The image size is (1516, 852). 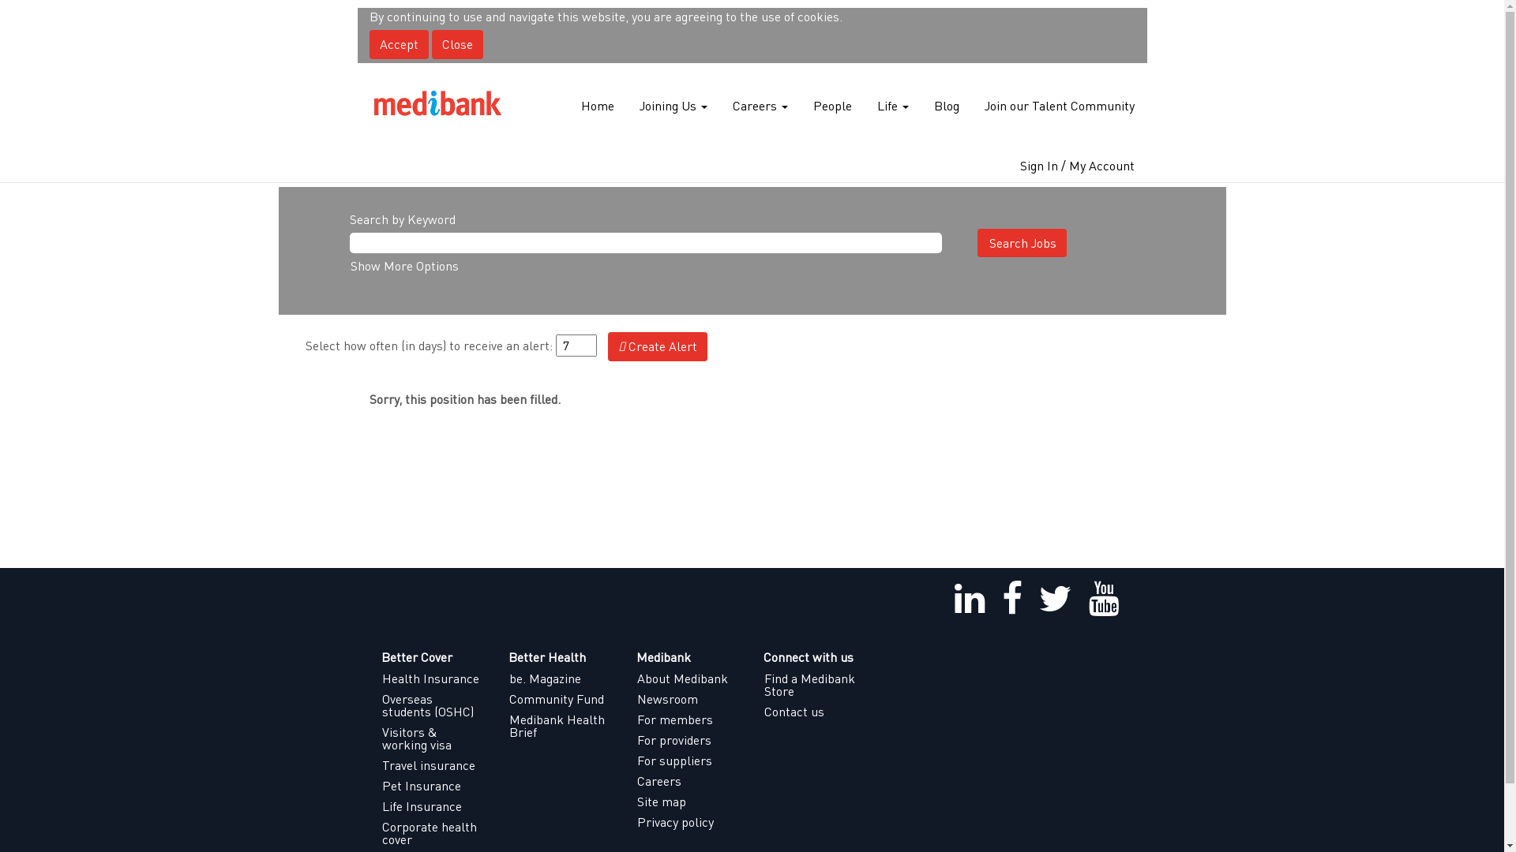 I want to click on 'Medibank Careers', so click(x=437, y=106).